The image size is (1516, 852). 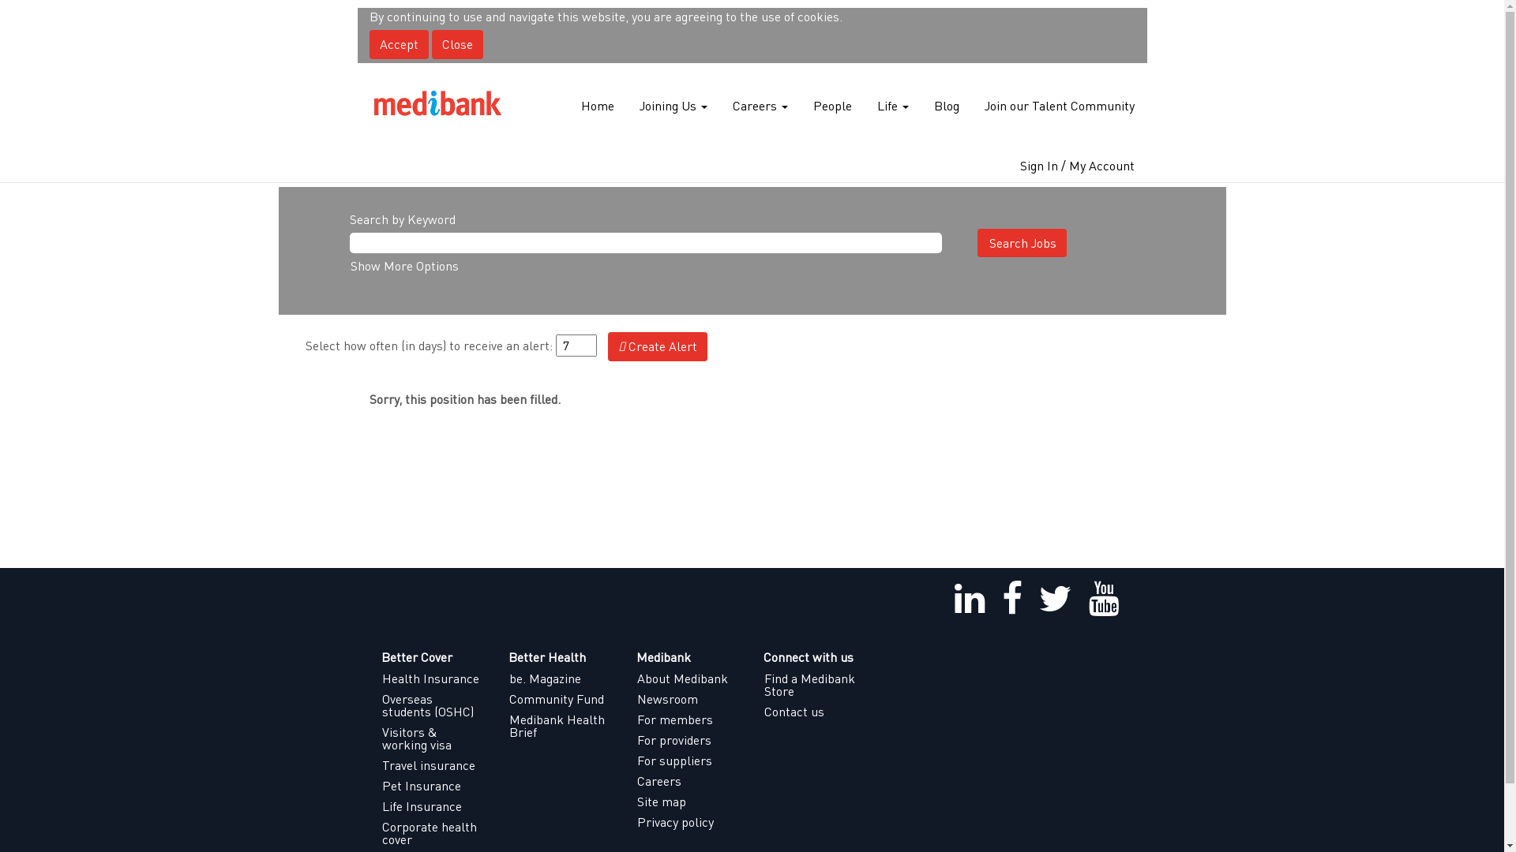 I want to click on 'Medibank Careers', so click(x=437, y=106).